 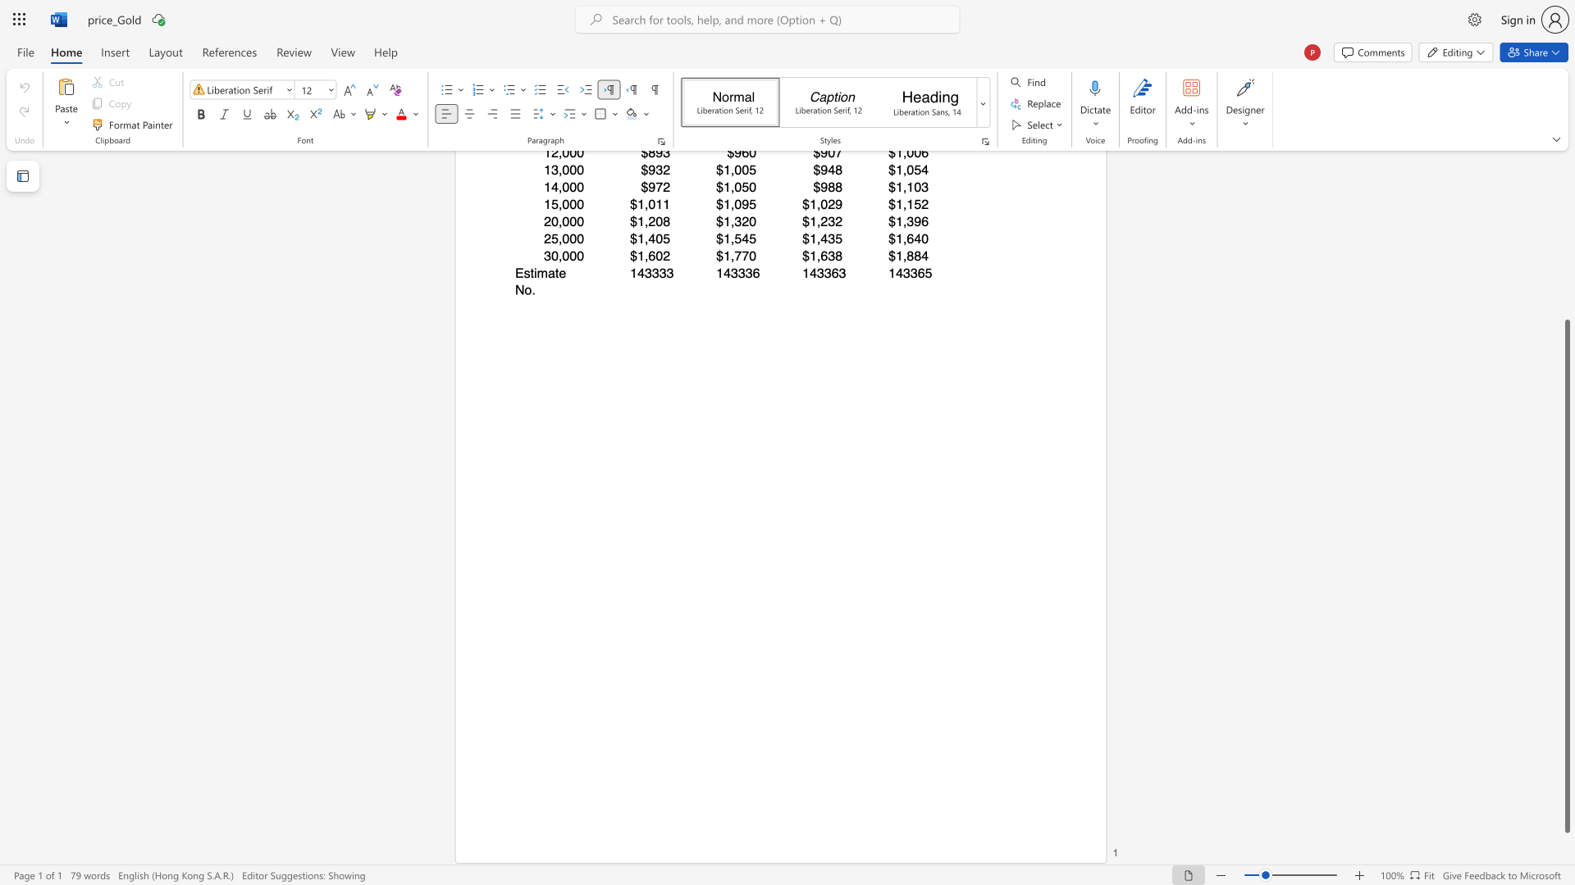 What do you see at coordinates (1566, 575) in the screenshot?
I see `the scrollbar and move down 30 pixels` at bounding box center [1566, 575].